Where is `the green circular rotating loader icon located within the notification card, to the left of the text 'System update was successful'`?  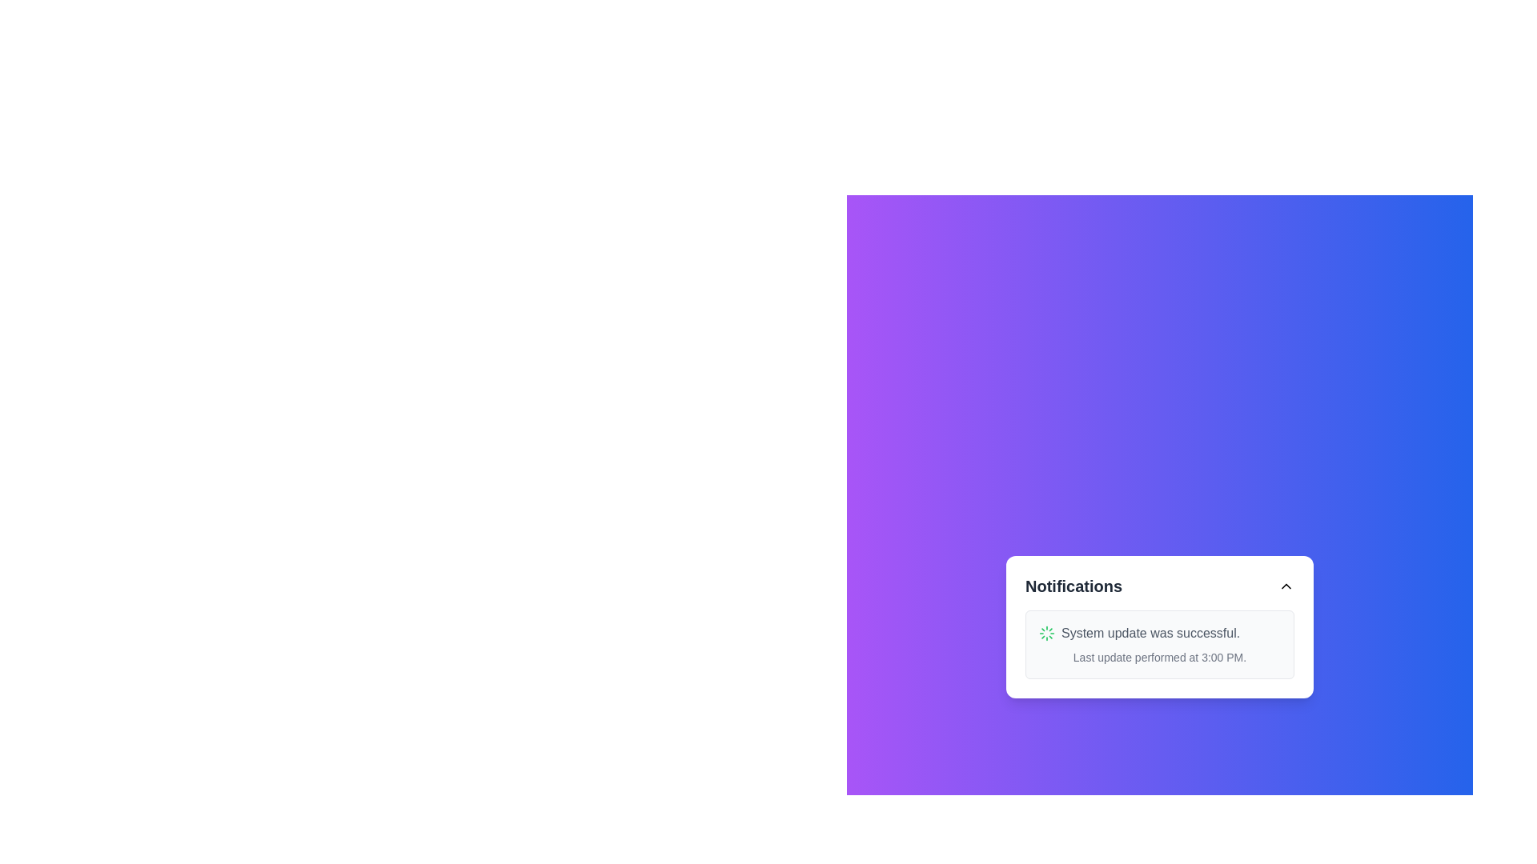
the green circular rotating loader icon located within the notification card, to the left of the text 'System update was successful' is located at coordinates (1047, 632).